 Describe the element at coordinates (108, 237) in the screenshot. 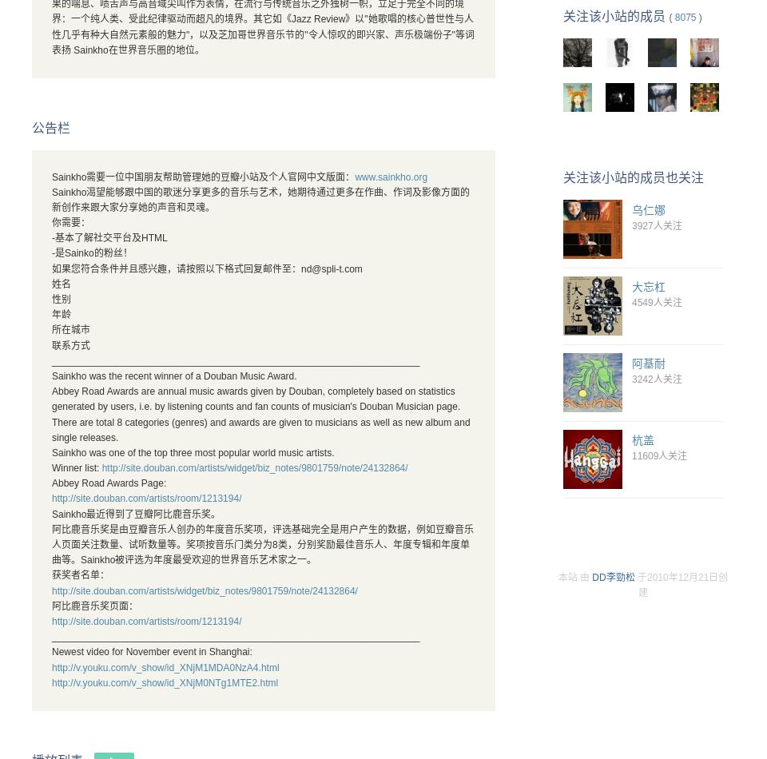

I see `'-基本了解社交平台及HTML'` at that location.